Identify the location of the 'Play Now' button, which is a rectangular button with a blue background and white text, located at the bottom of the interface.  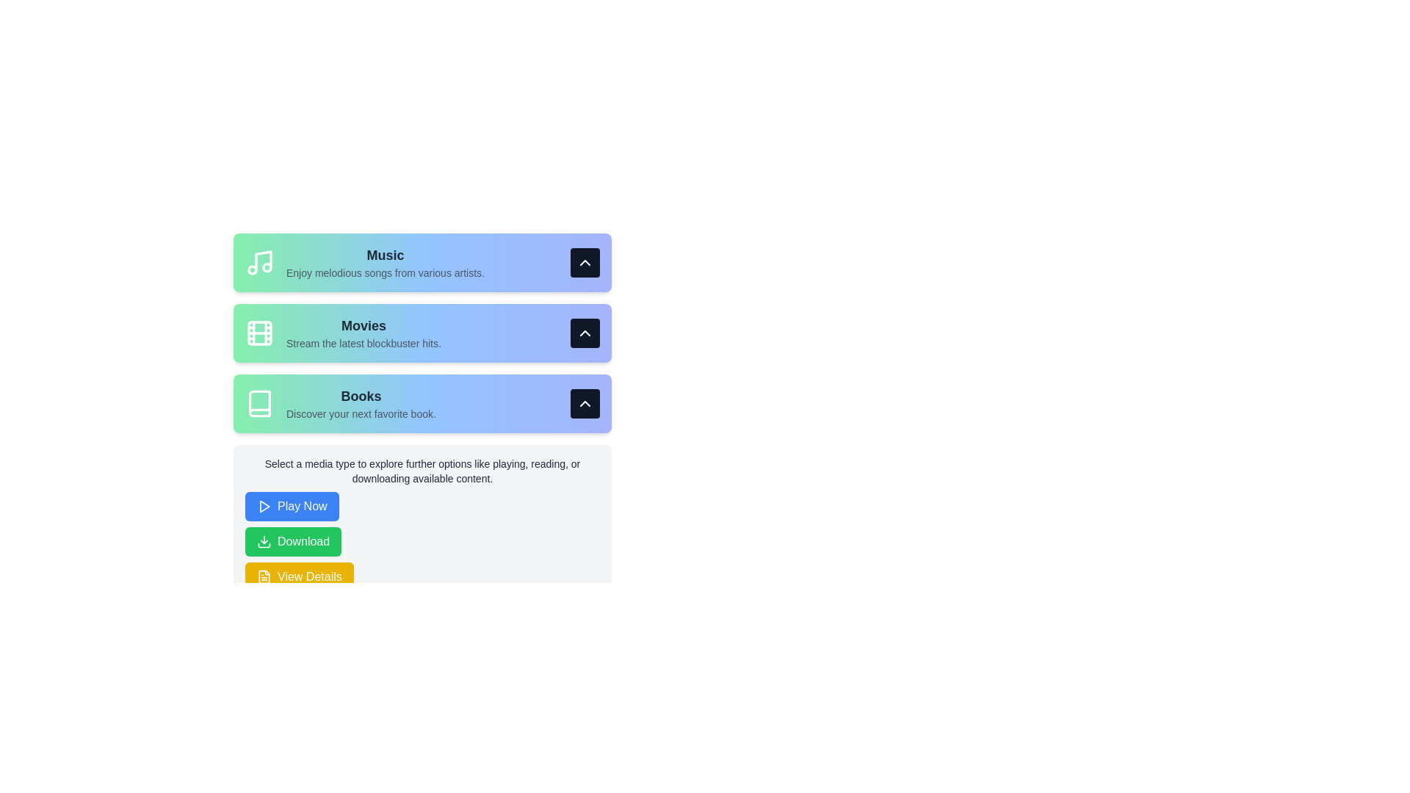
(292, 506).